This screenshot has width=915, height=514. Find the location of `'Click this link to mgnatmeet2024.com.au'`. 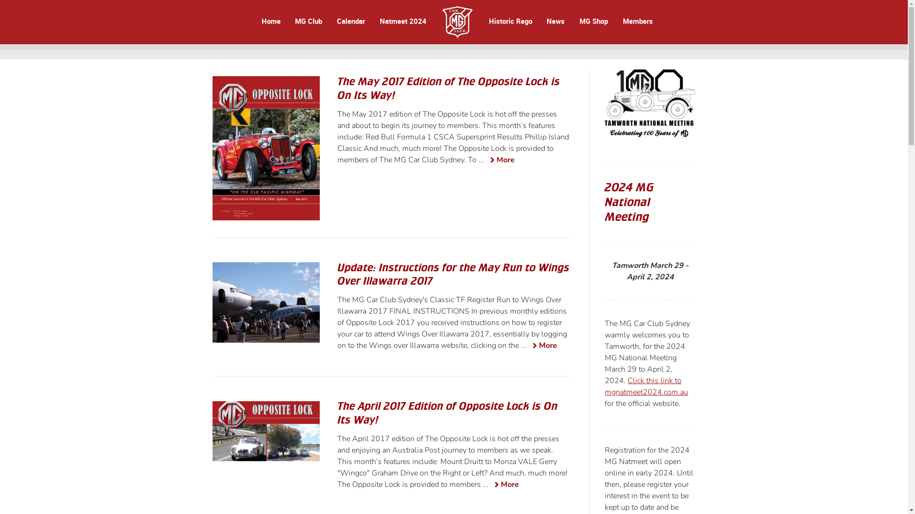

'Click this link to mgnatmeet2024.com.au' is located at coordinates (646, 386).